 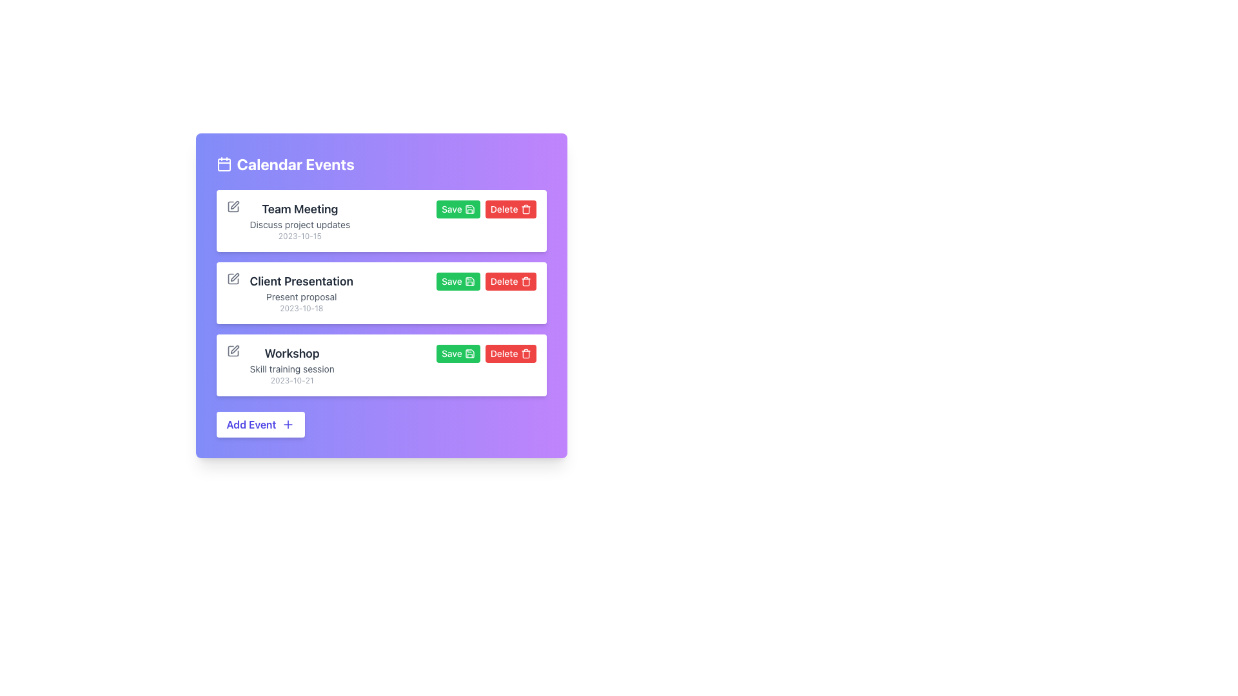 What do you see at coordinates (526, 282) in the screenshot?
I see `the Icon component of the trash bin illustration, which is part of the delete button aligned to the right side of each event's row in the calendar interface` at bounding box center [526, 282].